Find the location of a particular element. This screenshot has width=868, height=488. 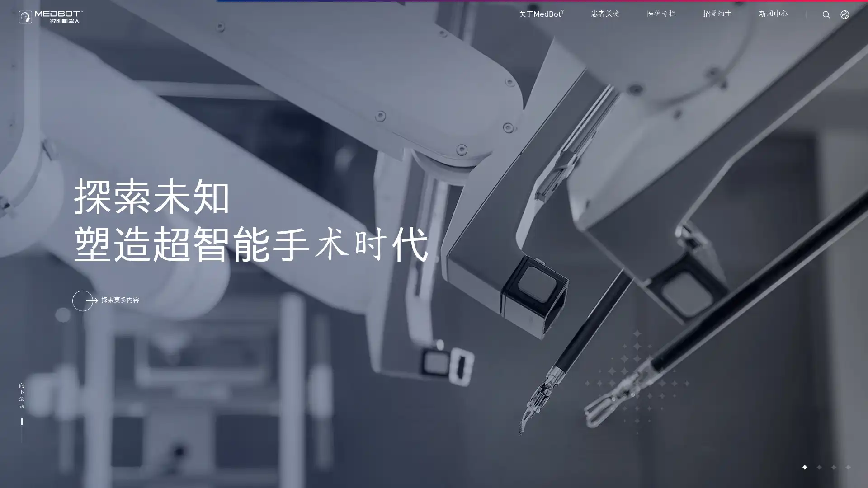

Go to slide 1 is located at coordinates (804, 467).